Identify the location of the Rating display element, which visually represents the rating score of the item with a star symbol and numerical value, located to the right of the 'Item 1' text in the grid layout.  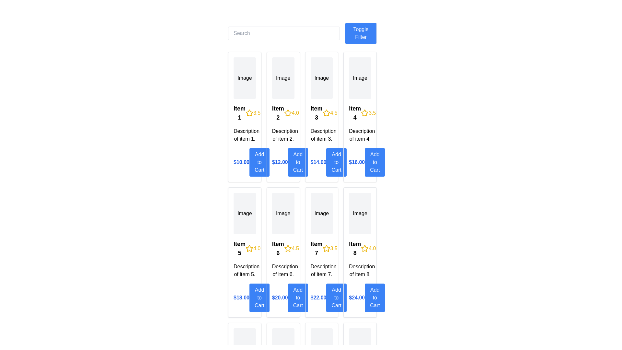
(253, 112).